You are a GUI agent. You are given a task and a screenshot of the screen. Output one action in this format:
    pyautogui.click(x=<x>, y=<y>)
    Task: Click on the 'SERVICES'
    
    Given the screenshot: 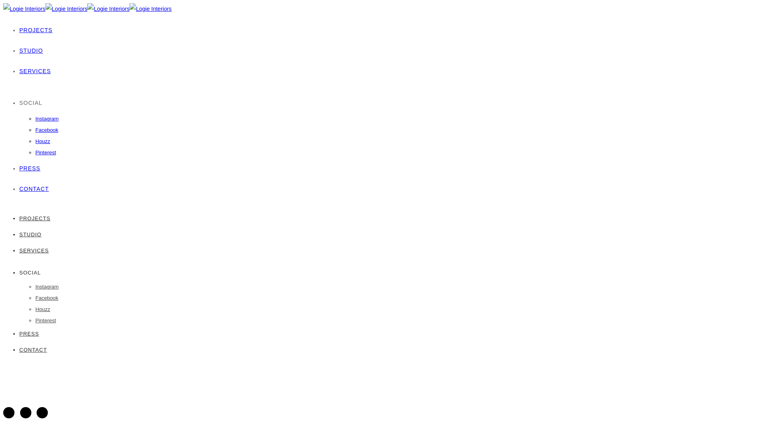 What is the action you would take?
    pyautogui.click(x=35, y=71)
    